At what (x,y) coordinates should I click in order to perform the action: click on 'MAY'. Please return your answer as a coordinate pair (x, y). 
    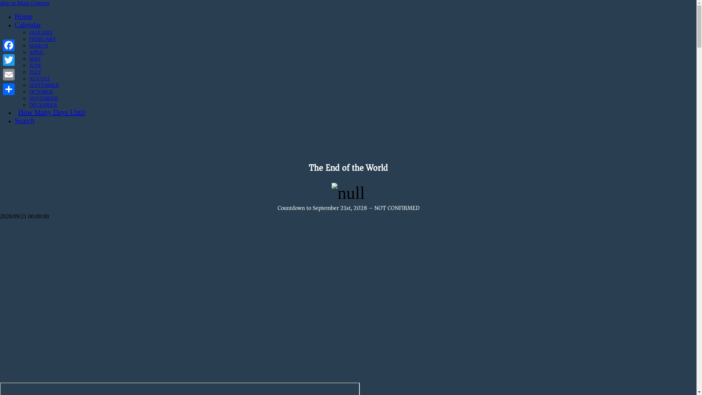
    Looking at the image, I should click on (34, 58).